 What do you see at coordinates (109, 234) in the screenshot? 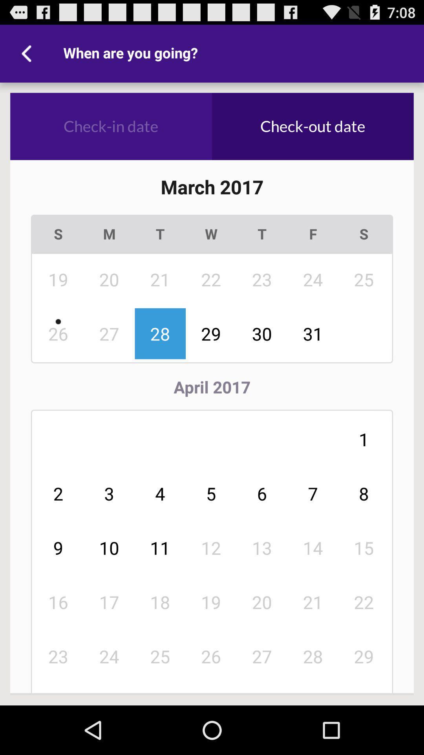
I see `the m` at bounding box center [109, 234].